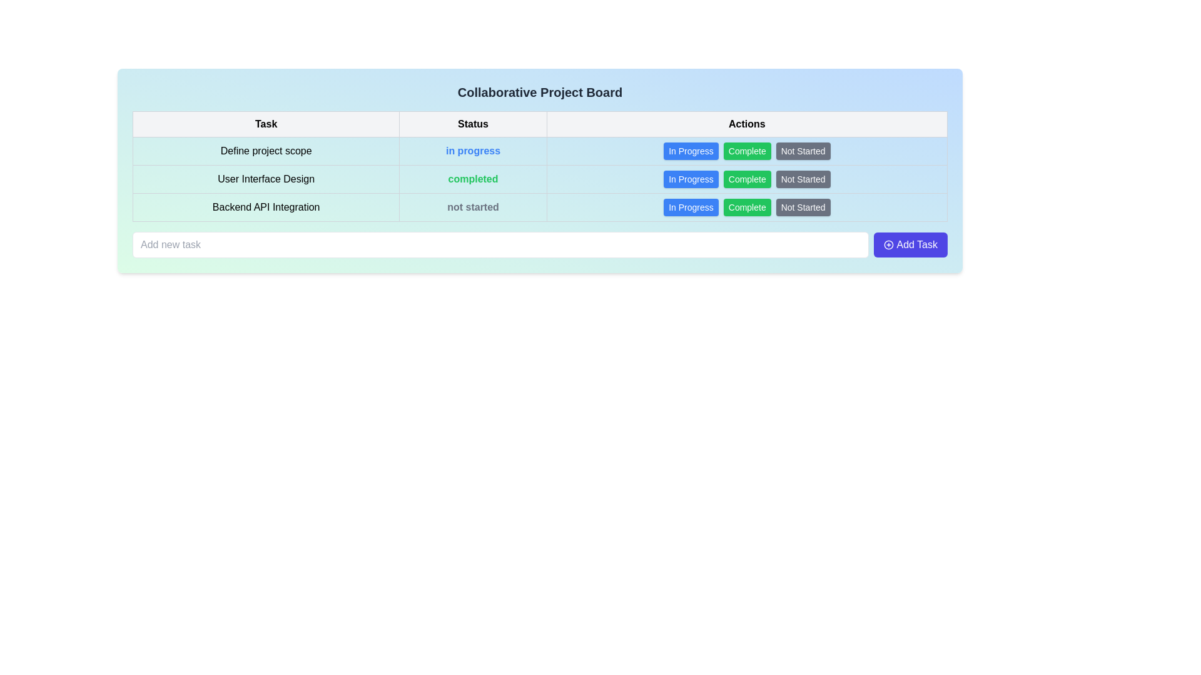 The image size is (1201, 675). I want to click on the section header with bold, extra-large text reading 'Collaborative Project Board', which is styled with dark gray color and centered above a table layout, so click(540, 91).